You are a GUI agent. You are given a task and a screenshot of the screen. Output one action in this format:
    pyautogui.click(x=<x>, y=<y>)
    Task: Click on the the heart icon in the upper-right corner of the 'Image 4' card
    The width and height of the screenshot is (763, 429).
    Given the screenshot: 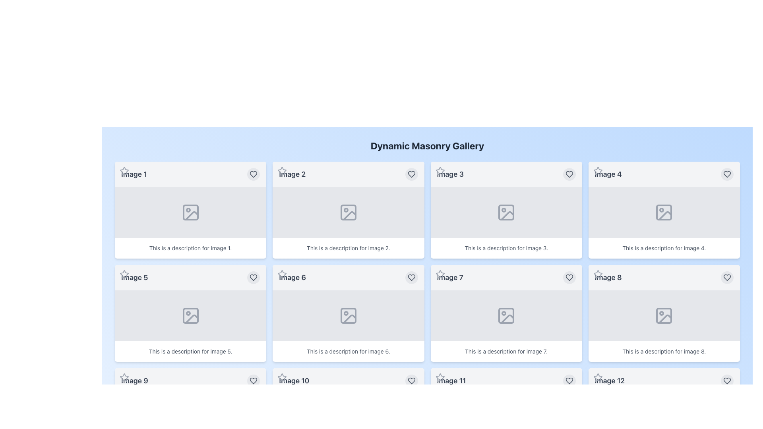 What is the action you would take?
    pyautogui.click(x=727, y=174)
    